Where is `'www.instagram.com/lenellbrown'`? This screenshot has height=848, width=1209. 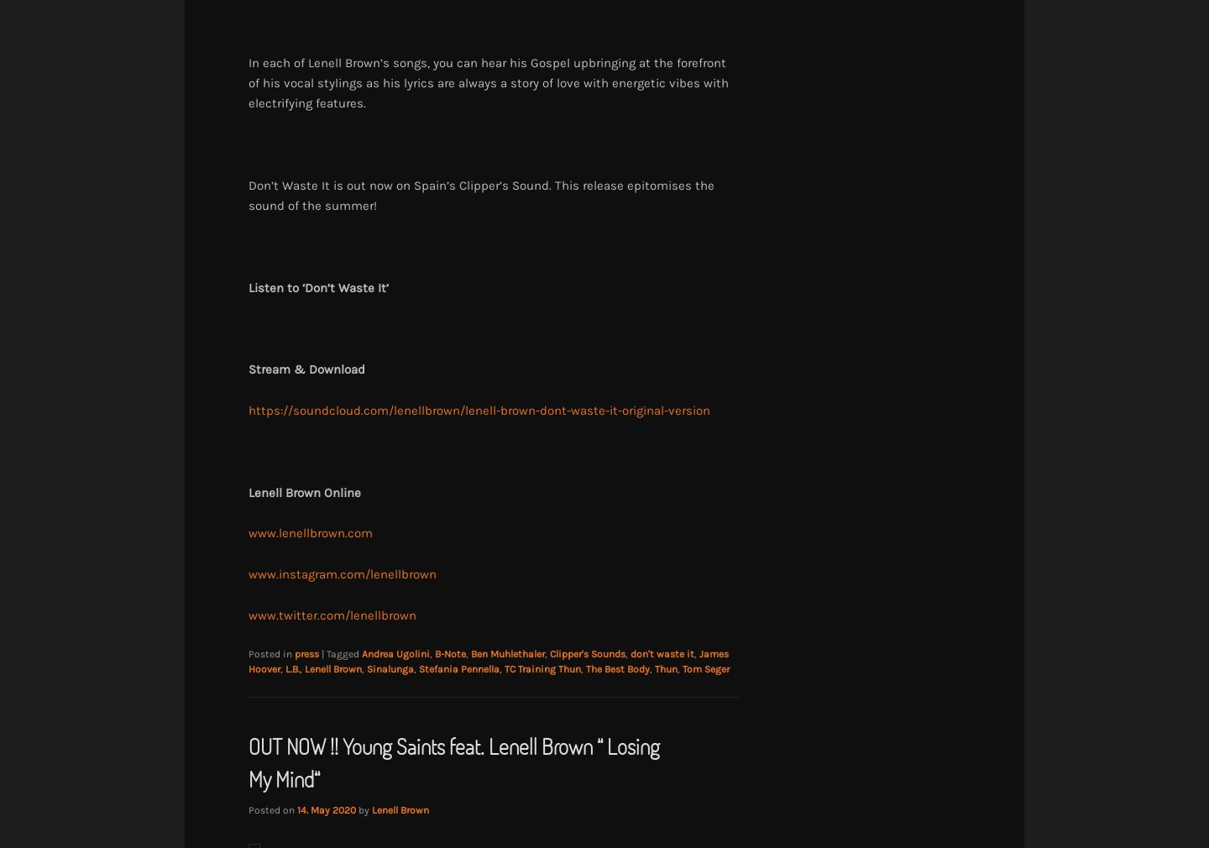 'www.instagram.com/lenellbrown' is located at coordinates (341, 573).